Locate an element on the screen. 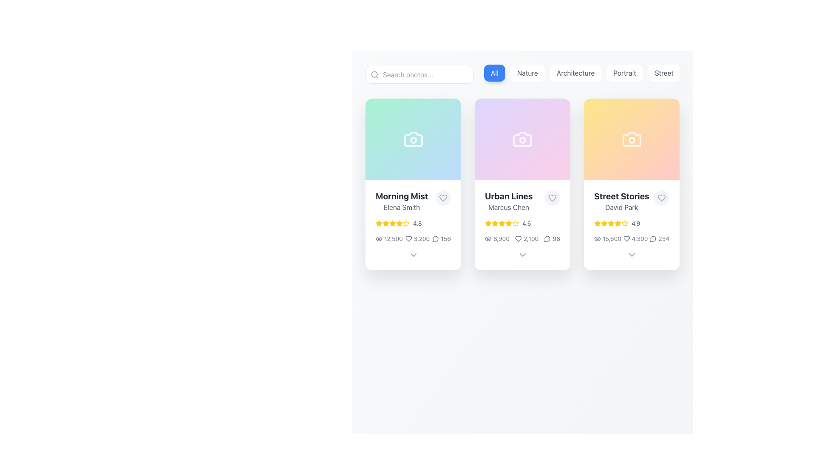  the filter button located near the top-center of the interface, which is the first item in a row of buttons including 'Nature', 'Architecture', 'Portrait', and 'Street', positioned slightly to the right of a search bar is located at coordinates (494, 73).